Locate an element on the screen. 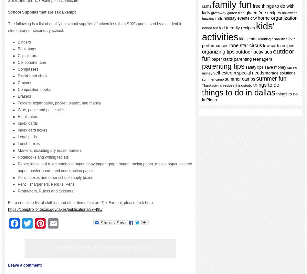  'self esteem' is located at coordinates (225, 73).